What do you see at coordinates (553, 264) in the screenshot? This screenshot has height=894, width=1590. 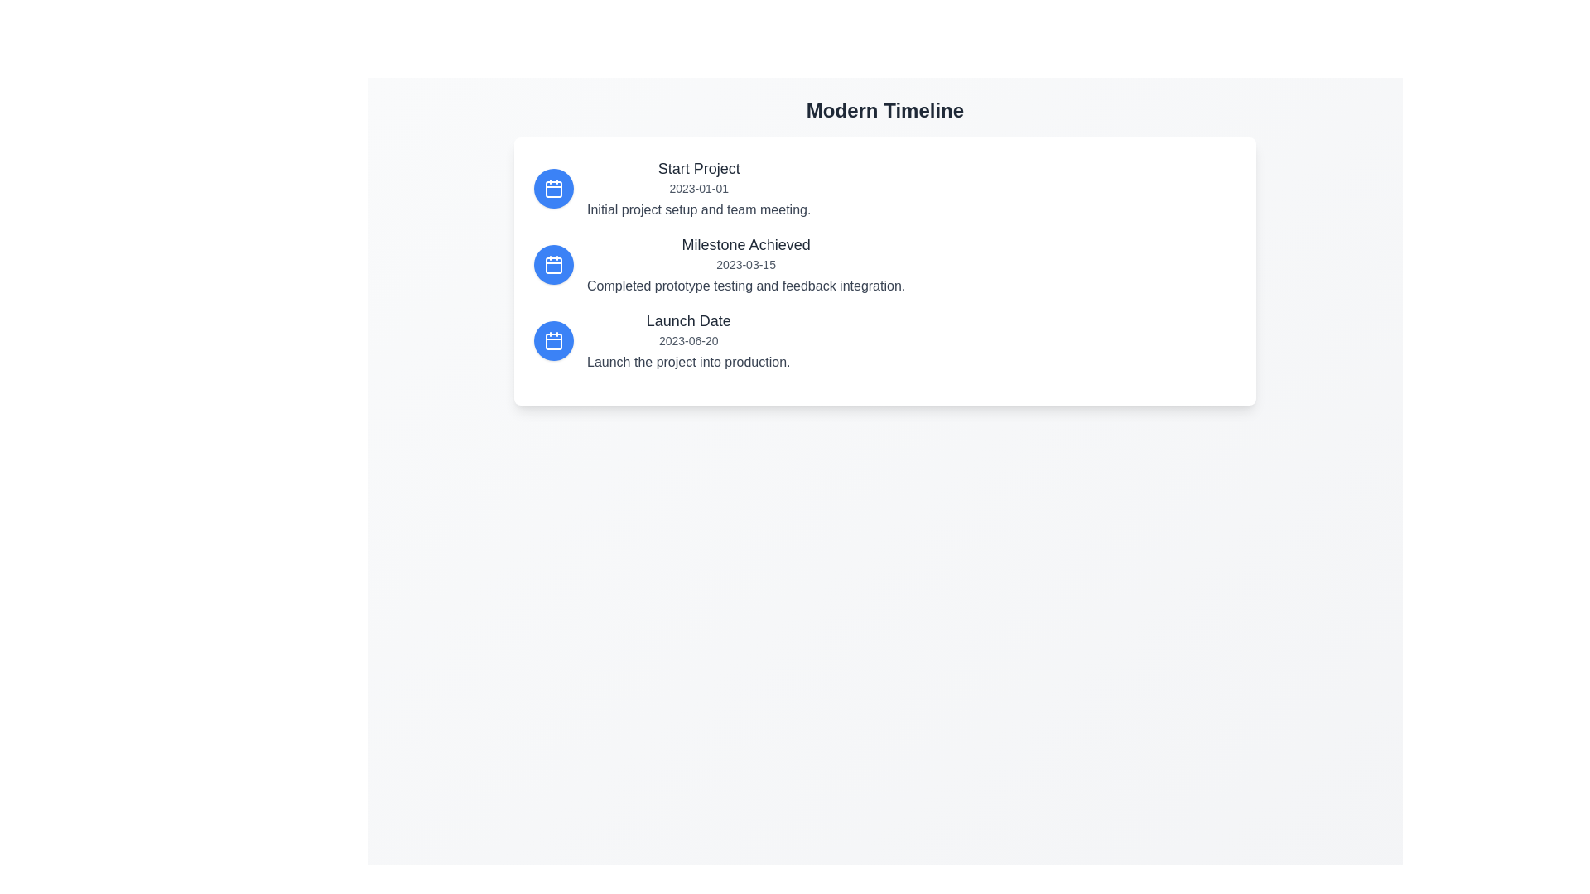 I see `the calendar icon located centrally within the second timeline event titled 'Milestone Achieved'` at bounding box center [553, 264].